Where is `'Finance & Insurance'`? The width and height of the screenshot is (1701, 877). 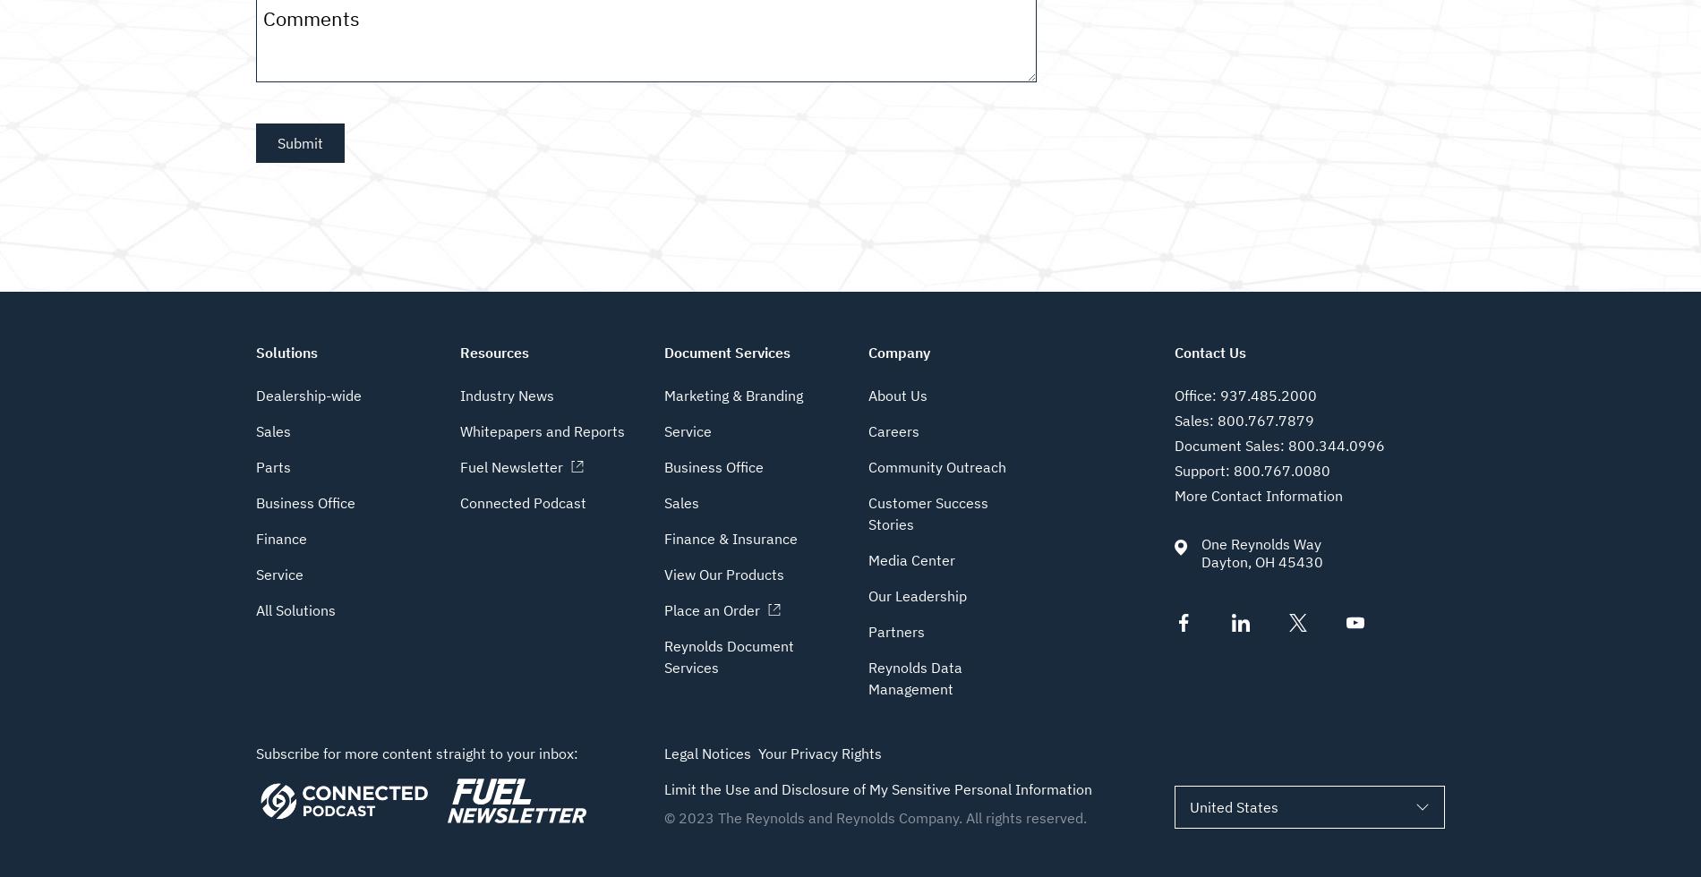
'Finance & Insurance' is located at coordinates (730, 539).